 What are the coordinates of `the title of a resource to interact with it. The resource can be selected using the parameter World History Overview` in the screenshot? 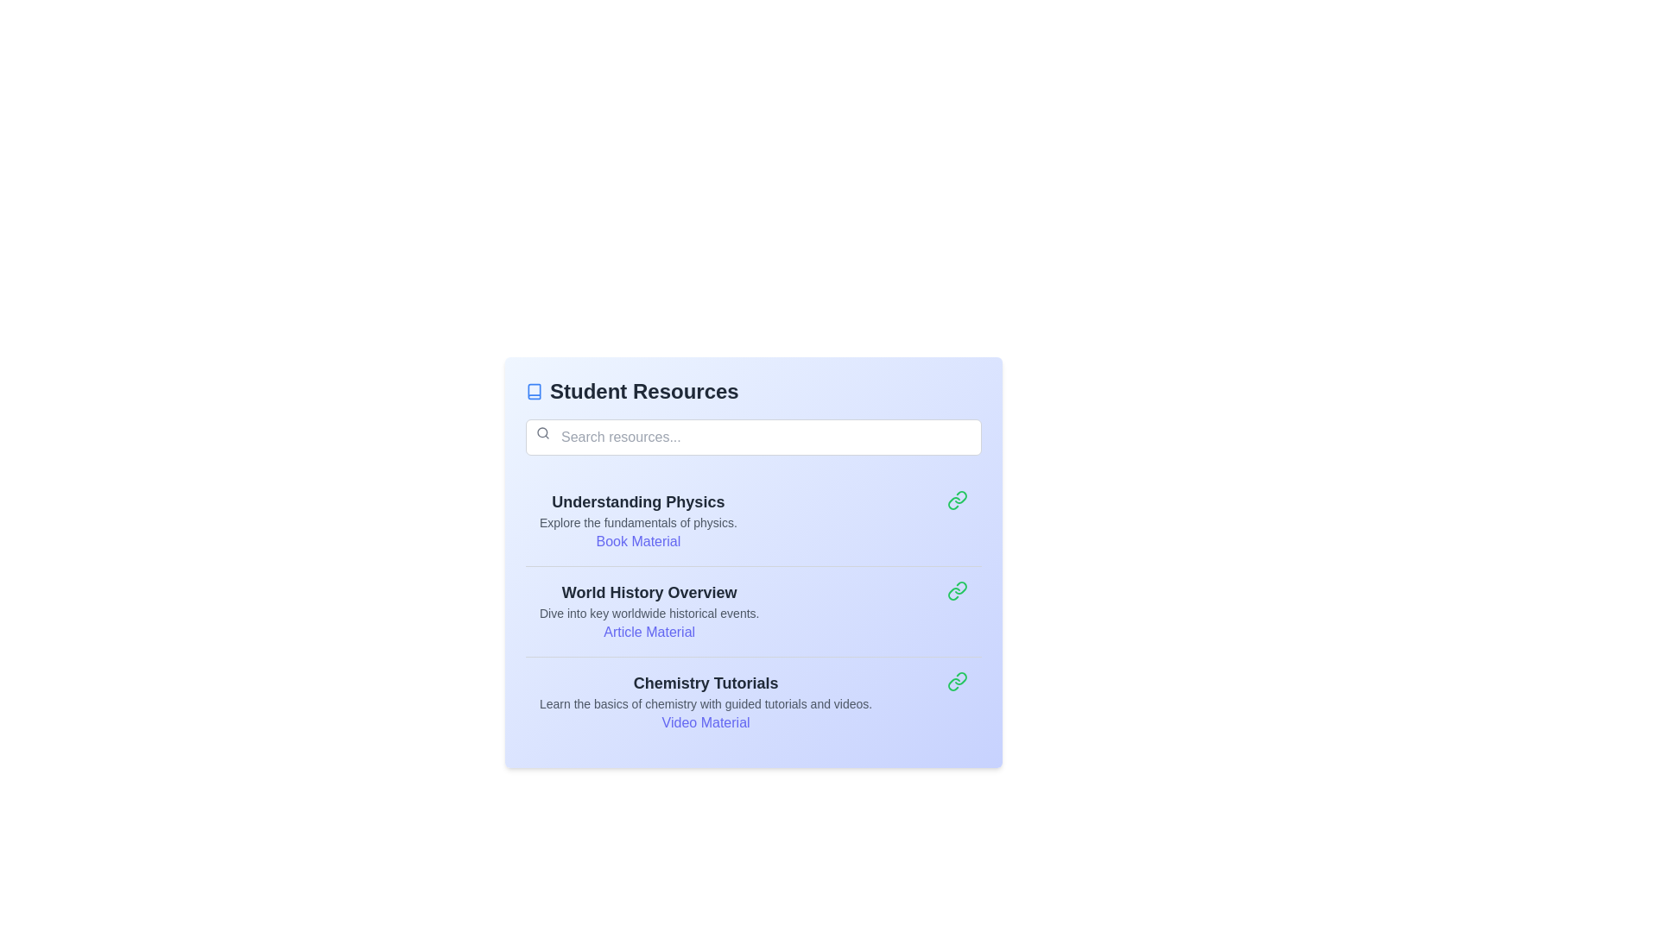 It's located at (649, 591).